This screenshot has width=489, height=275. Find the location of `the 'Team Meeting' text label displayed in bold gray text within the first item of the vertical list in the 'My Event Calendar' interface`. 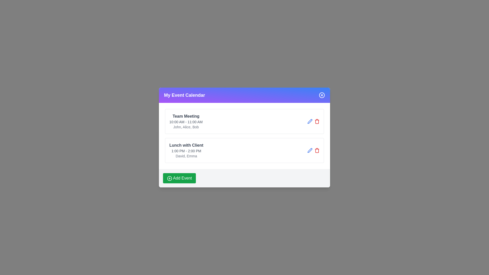

the 'Team Meeting' text label displayed in bold gray text within the first item of the vertical list in the 'My Event Calendar' interface is located at coordinates (186, 116).